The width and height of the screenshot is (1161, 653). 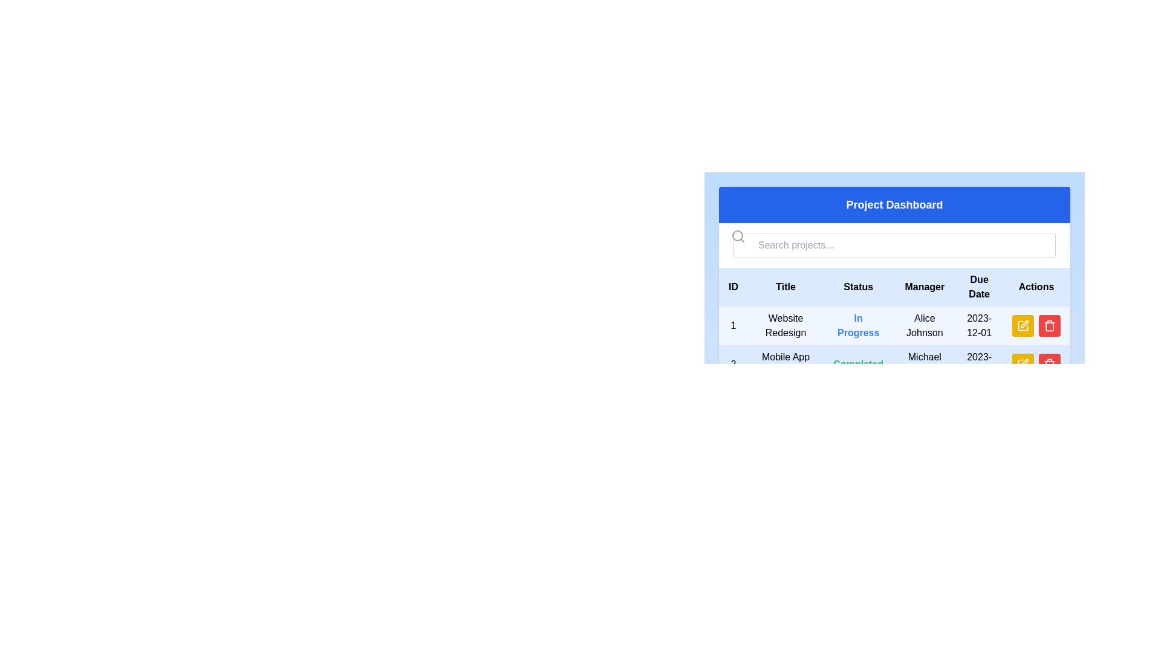 I want to click on text in the table cell located in the first column of the first row, which is positioned to the left of the text 'Website Redesign', so click(x=733, y=325).